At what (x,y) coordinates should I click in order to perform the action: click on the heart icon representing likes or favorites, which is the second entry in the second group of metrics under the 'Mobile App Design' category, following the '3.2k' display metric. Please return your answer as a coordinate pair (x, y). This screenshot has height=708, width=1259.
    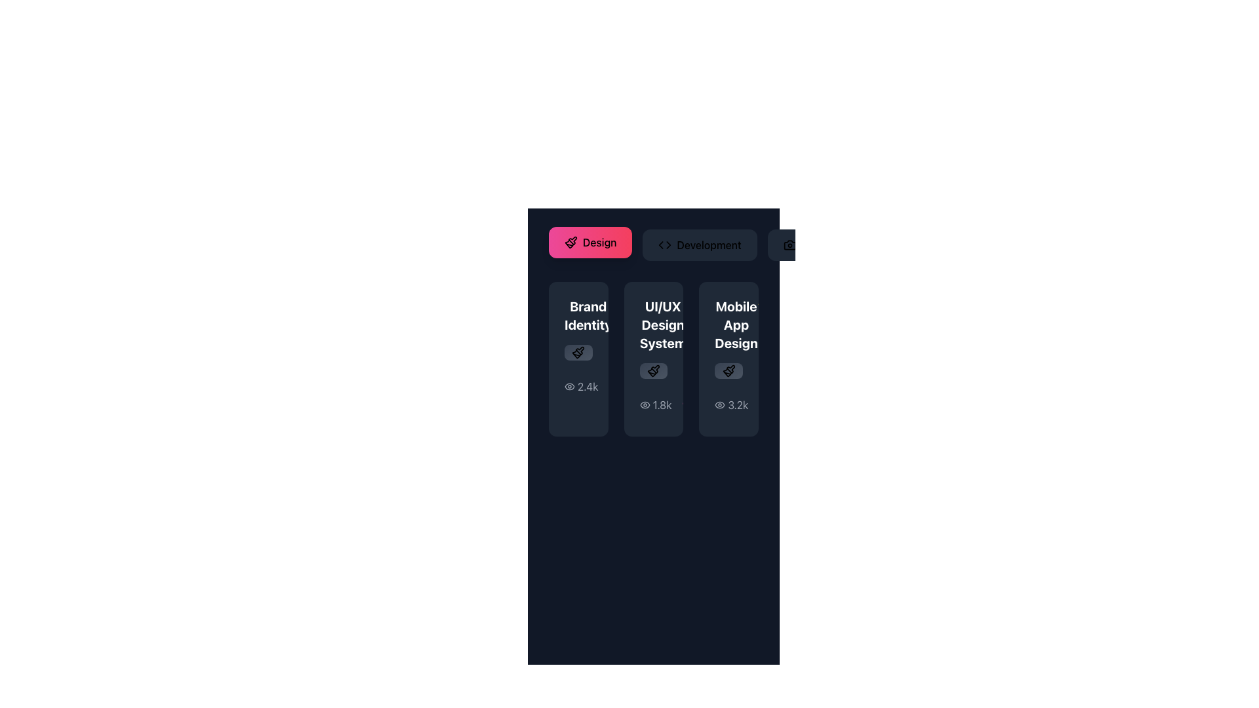
    Looking at the image, I should click on (775, 404).